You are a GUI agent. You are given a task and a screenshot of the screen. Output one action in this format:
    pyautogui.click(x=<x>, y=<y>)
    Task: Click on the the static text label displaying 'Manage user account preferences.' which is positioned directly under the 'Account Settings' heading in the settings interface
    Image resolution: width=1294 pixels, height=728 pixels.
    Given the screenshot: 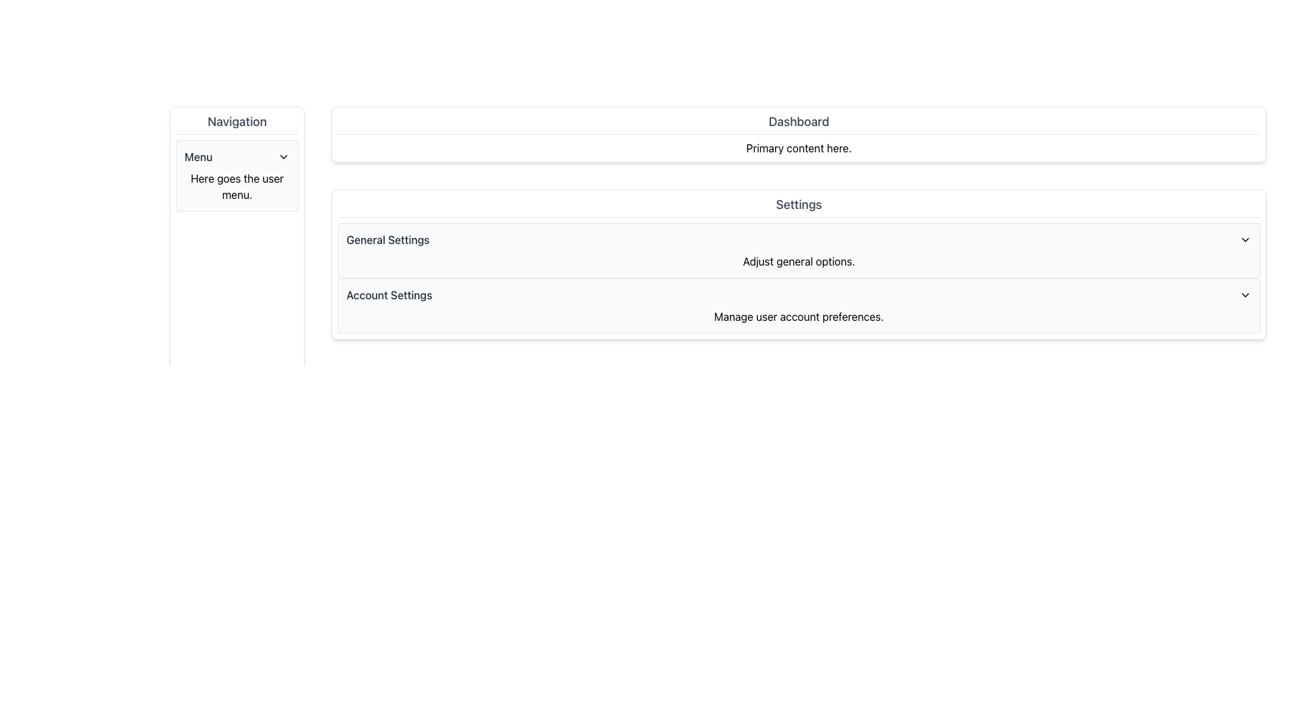 What is the action you would take?
    pyautogui.click(x=799, y=317)
    